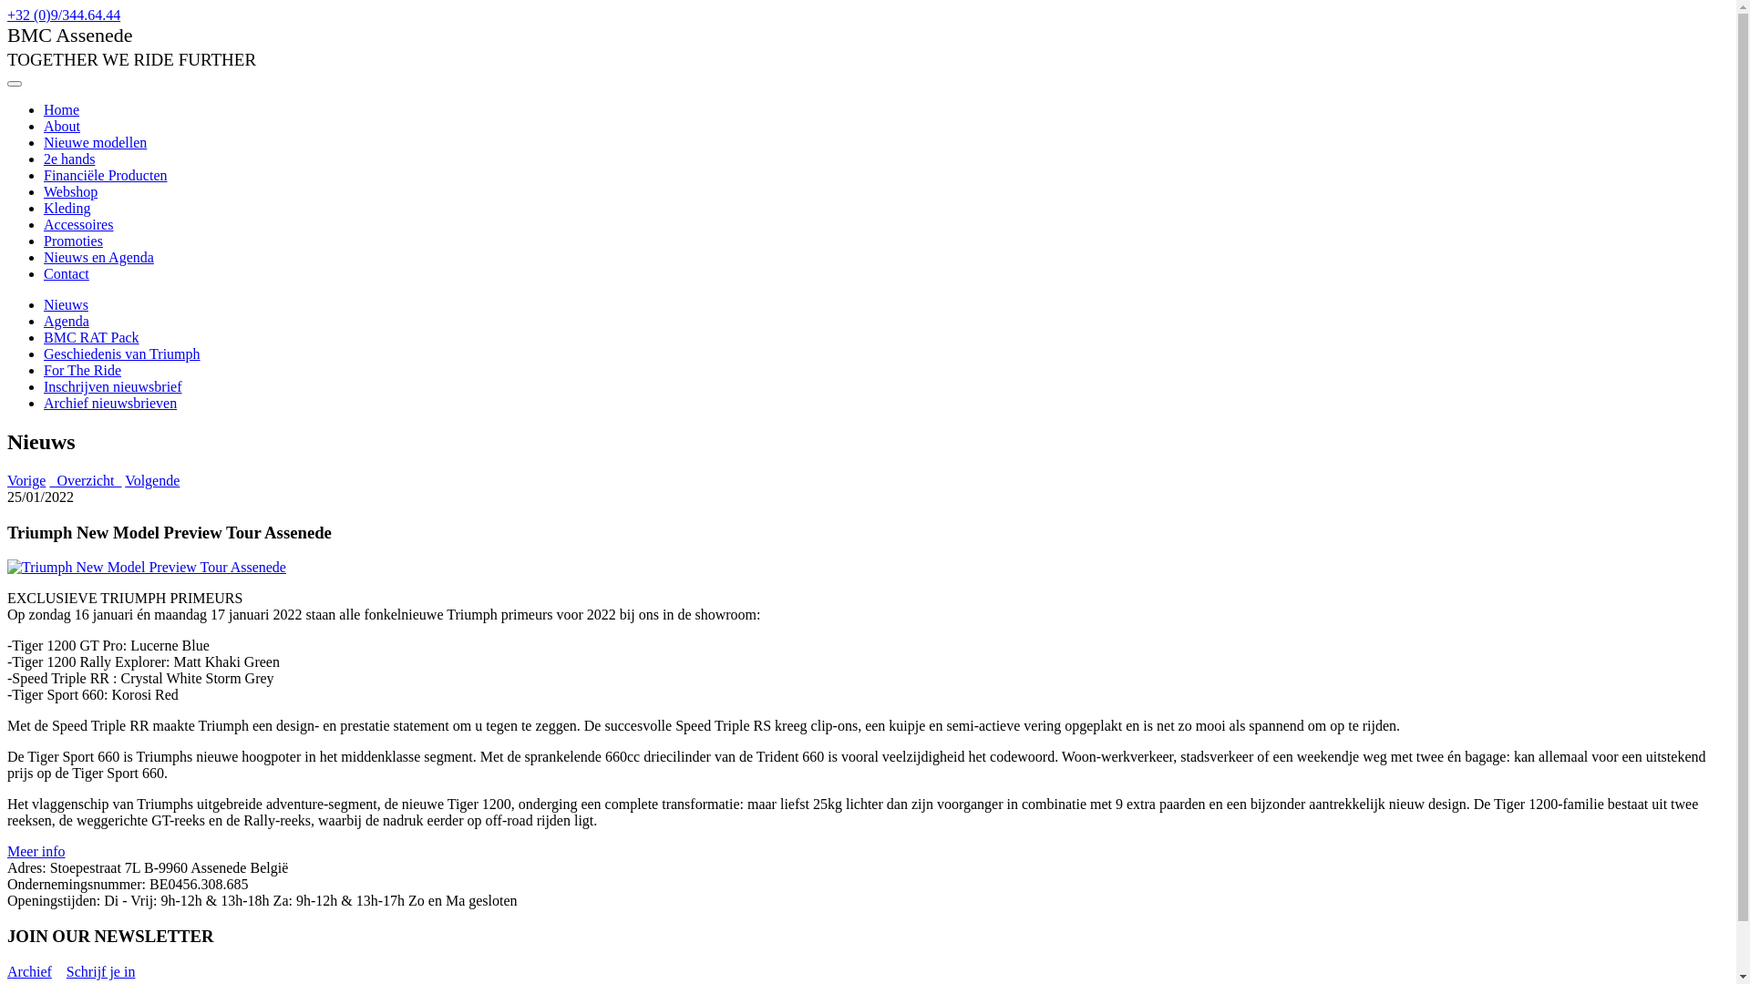 The image size is (1750, 984). I want to click on 'Volgende', so click(124, 479).